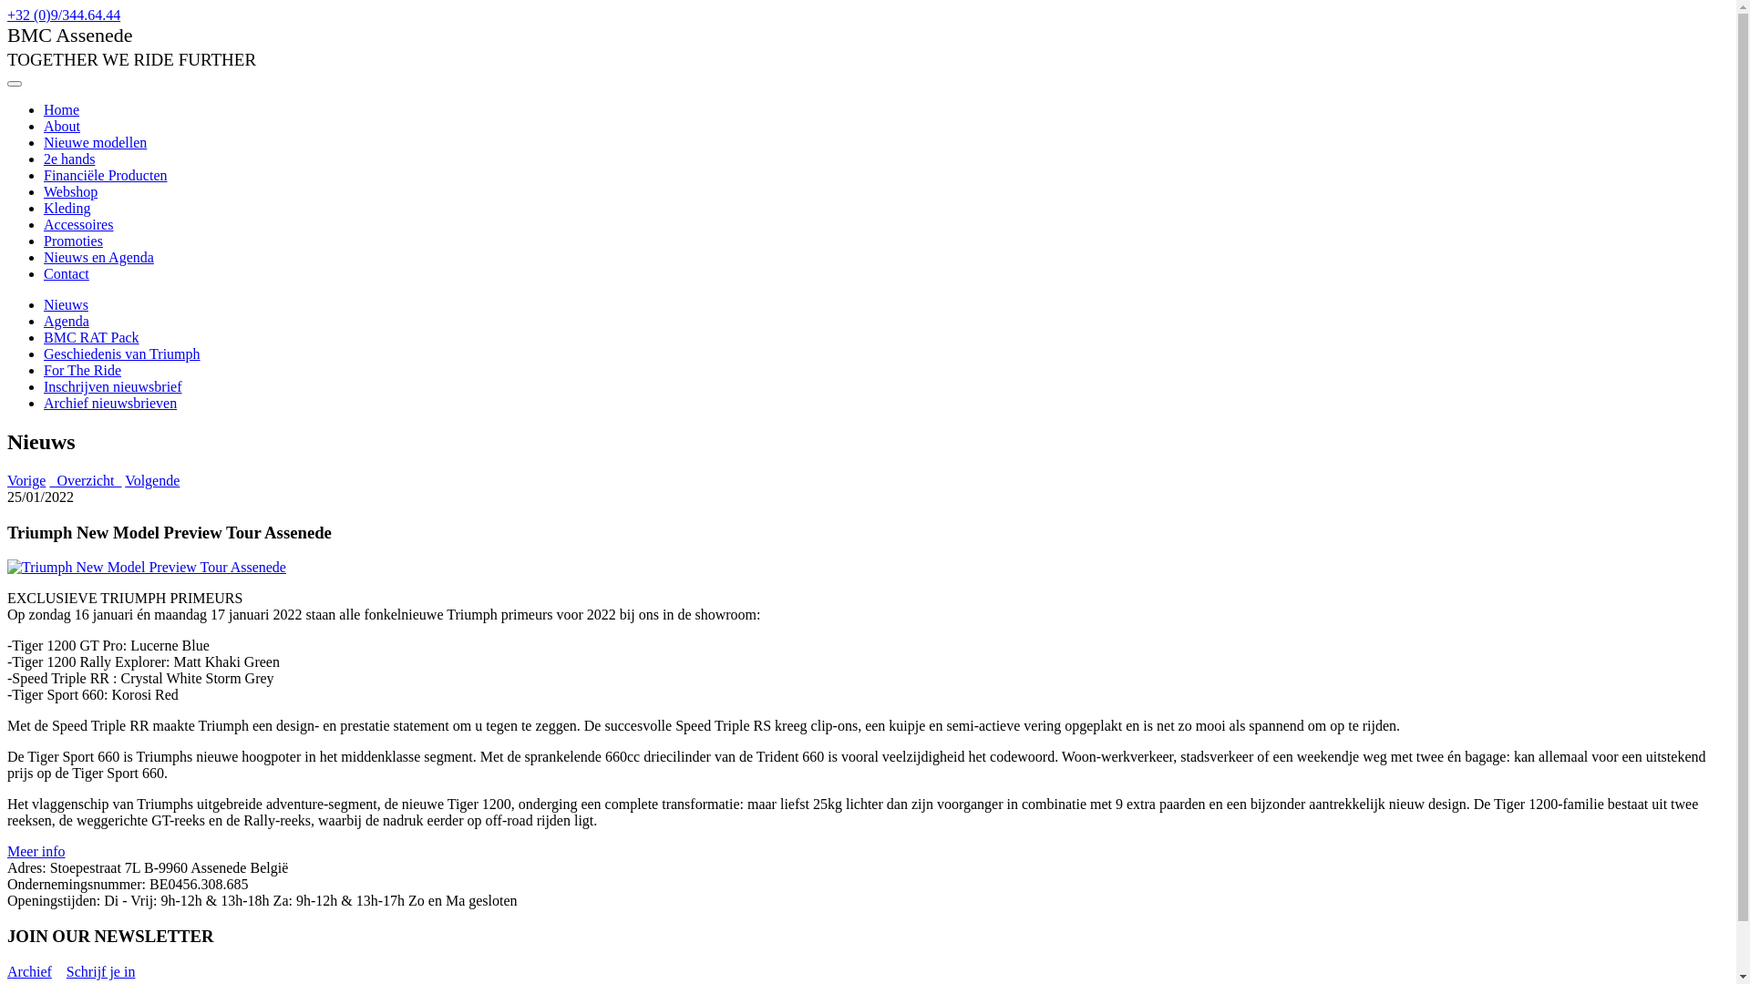 The image size is (1750, 984). I want to click on 'Volgende', so click(124, 479).